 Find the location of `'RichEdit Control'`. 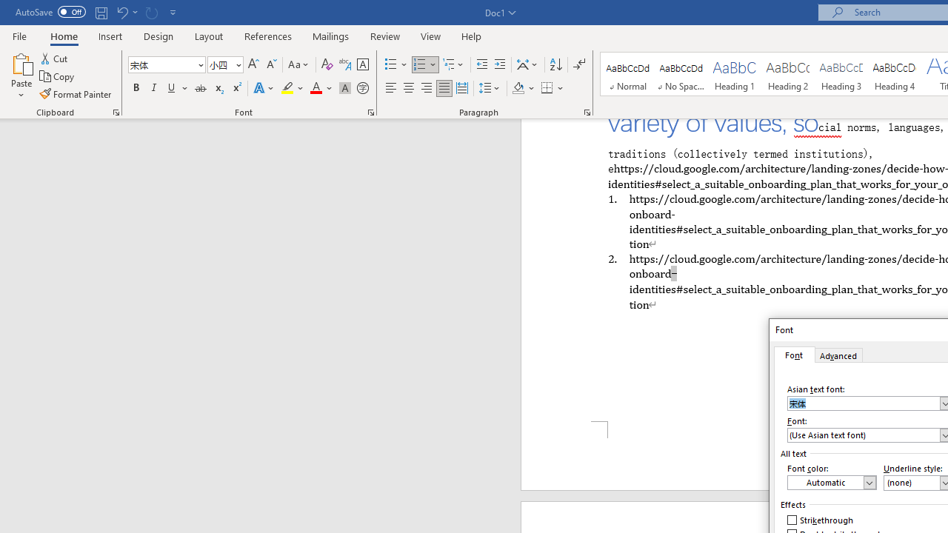

'RichEdit Control' is located at coordinates (864, 434).